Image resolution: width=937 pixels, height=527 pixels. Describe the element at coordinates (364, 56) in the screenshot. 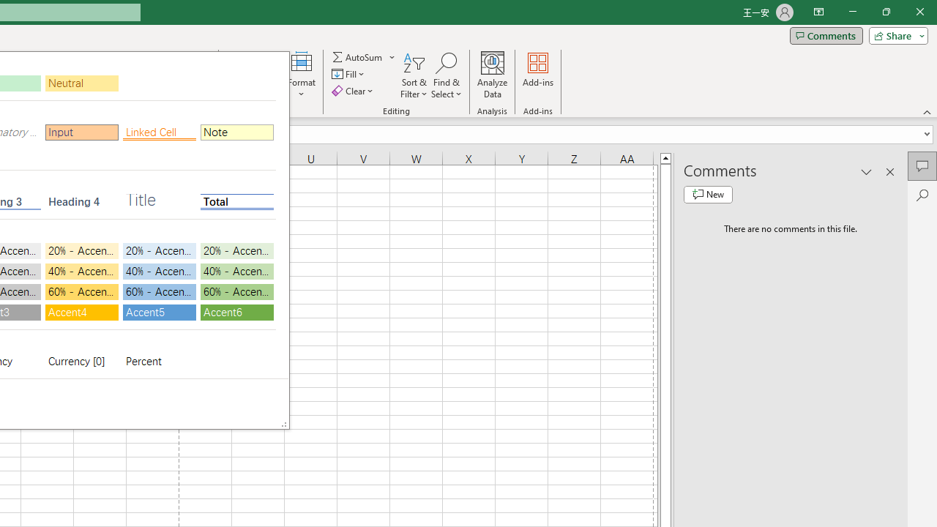

I see `'AutoSum'` at that location.